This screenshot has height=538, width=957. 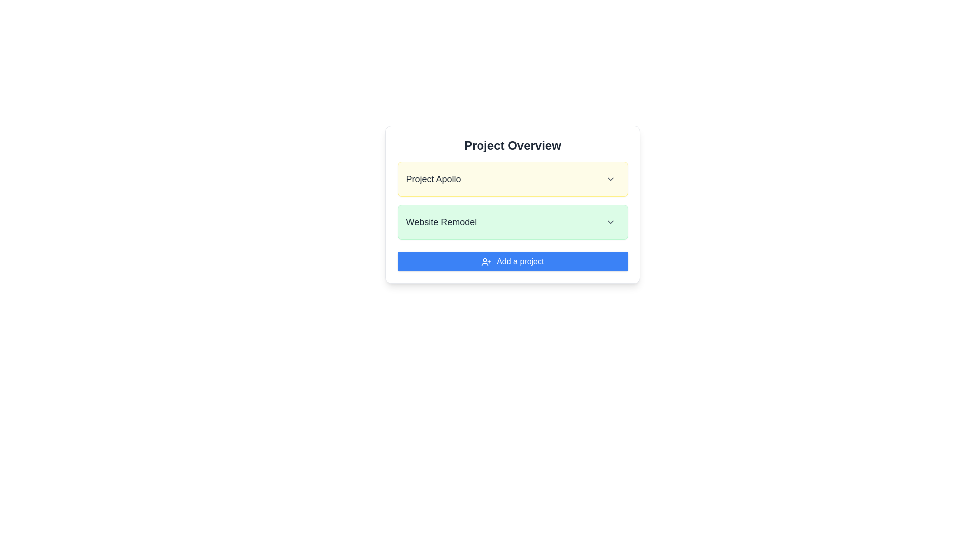 What do you see at coordinates (486, 261) in the screenshot?
I see `the icon located to the left of the 'Add a project' text within the blue button, which indicates the function of adding a user or project` at bounding box center [486, 261].